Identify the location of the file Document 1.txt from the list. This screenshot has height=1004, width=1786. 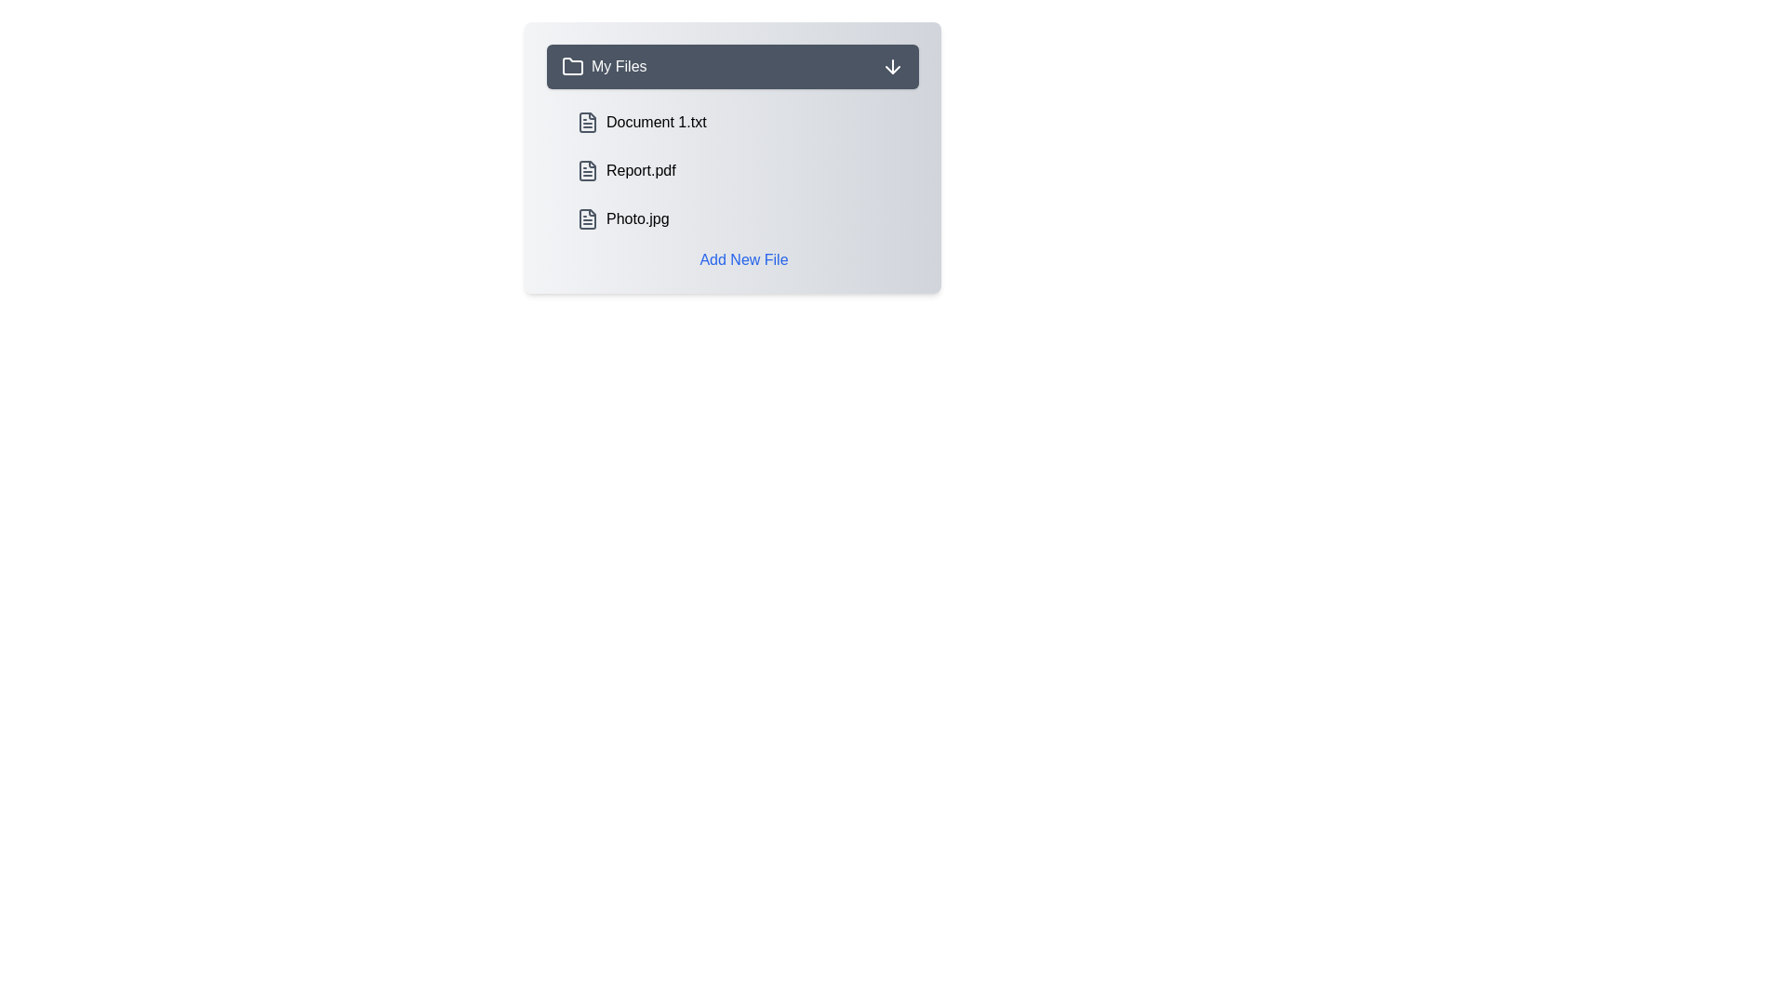
(744, 122).